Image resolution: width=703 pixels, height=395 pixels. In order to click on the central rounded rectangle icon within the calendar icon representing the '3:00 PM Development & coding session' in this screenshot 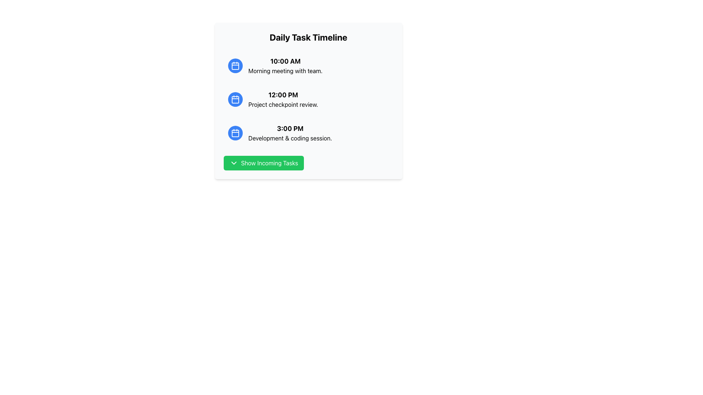, I will do `click(235, 133)`.